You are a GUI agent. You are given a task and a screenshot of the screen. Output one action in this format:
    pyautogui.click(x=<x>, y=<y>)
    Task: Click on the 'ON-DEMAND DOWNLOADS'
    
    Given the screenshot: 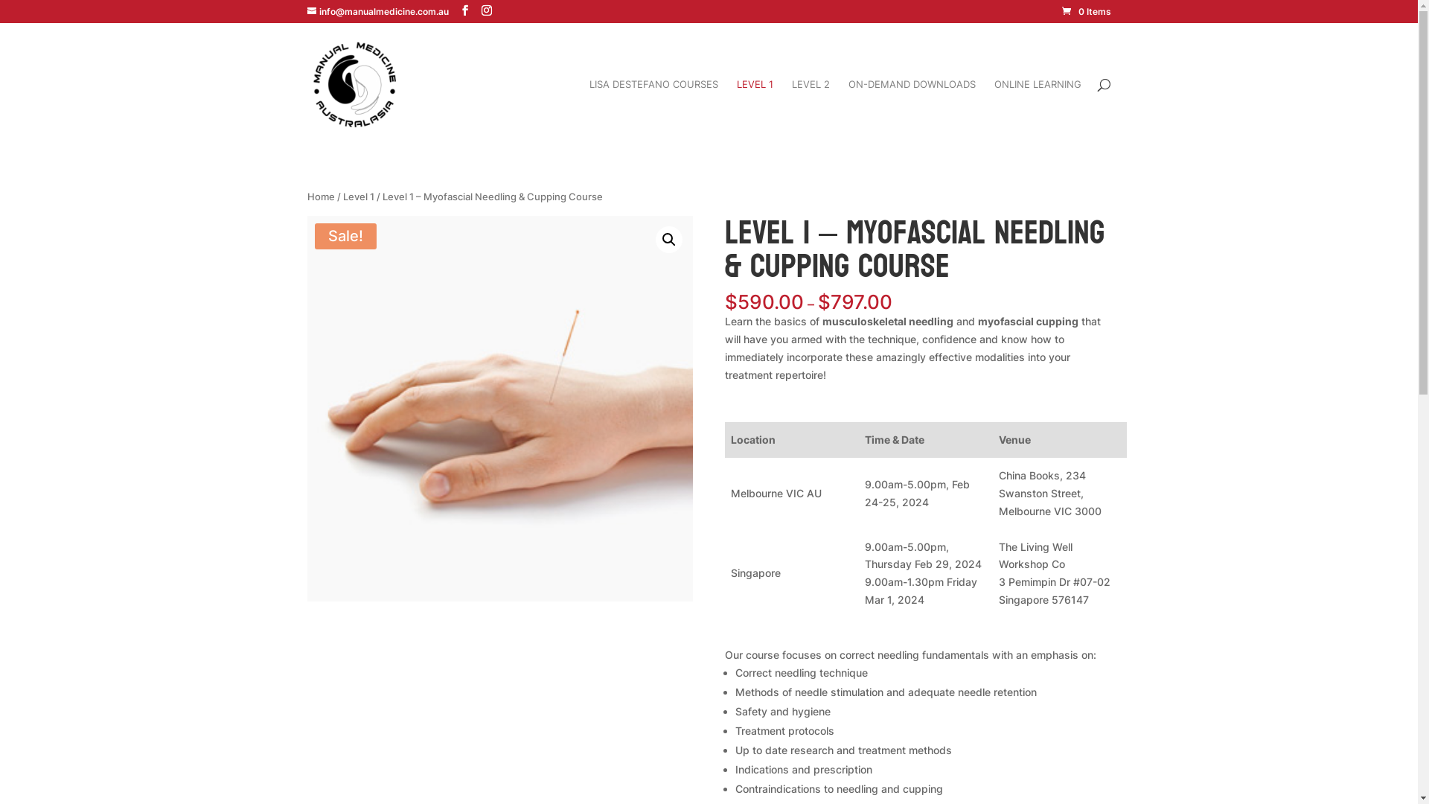 What is the action you would take?
    pyautogui.click(x=911, y=111)
    